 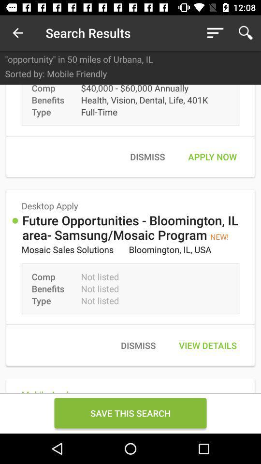 What do you see at coordinates (17, 33) in the screenshot?
I see `the icon next to the search results` at bounding box center [17, 33].